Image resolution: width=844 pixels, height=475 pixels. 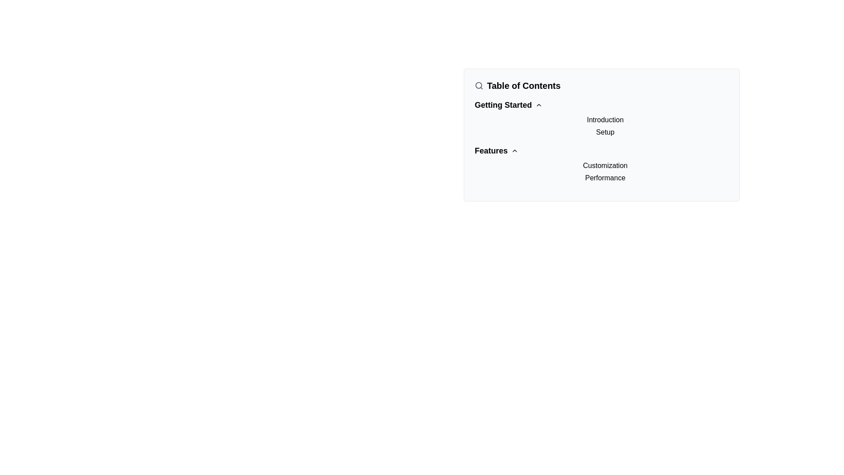 What do you see at coordinates (601, 118) in the screenshot?
I see `the text block containing 'Introduction' and 'Setup' located below the 'Getting Started' header in the 'Table of Contents' section to focus its content` at bounding box center [601, 118].